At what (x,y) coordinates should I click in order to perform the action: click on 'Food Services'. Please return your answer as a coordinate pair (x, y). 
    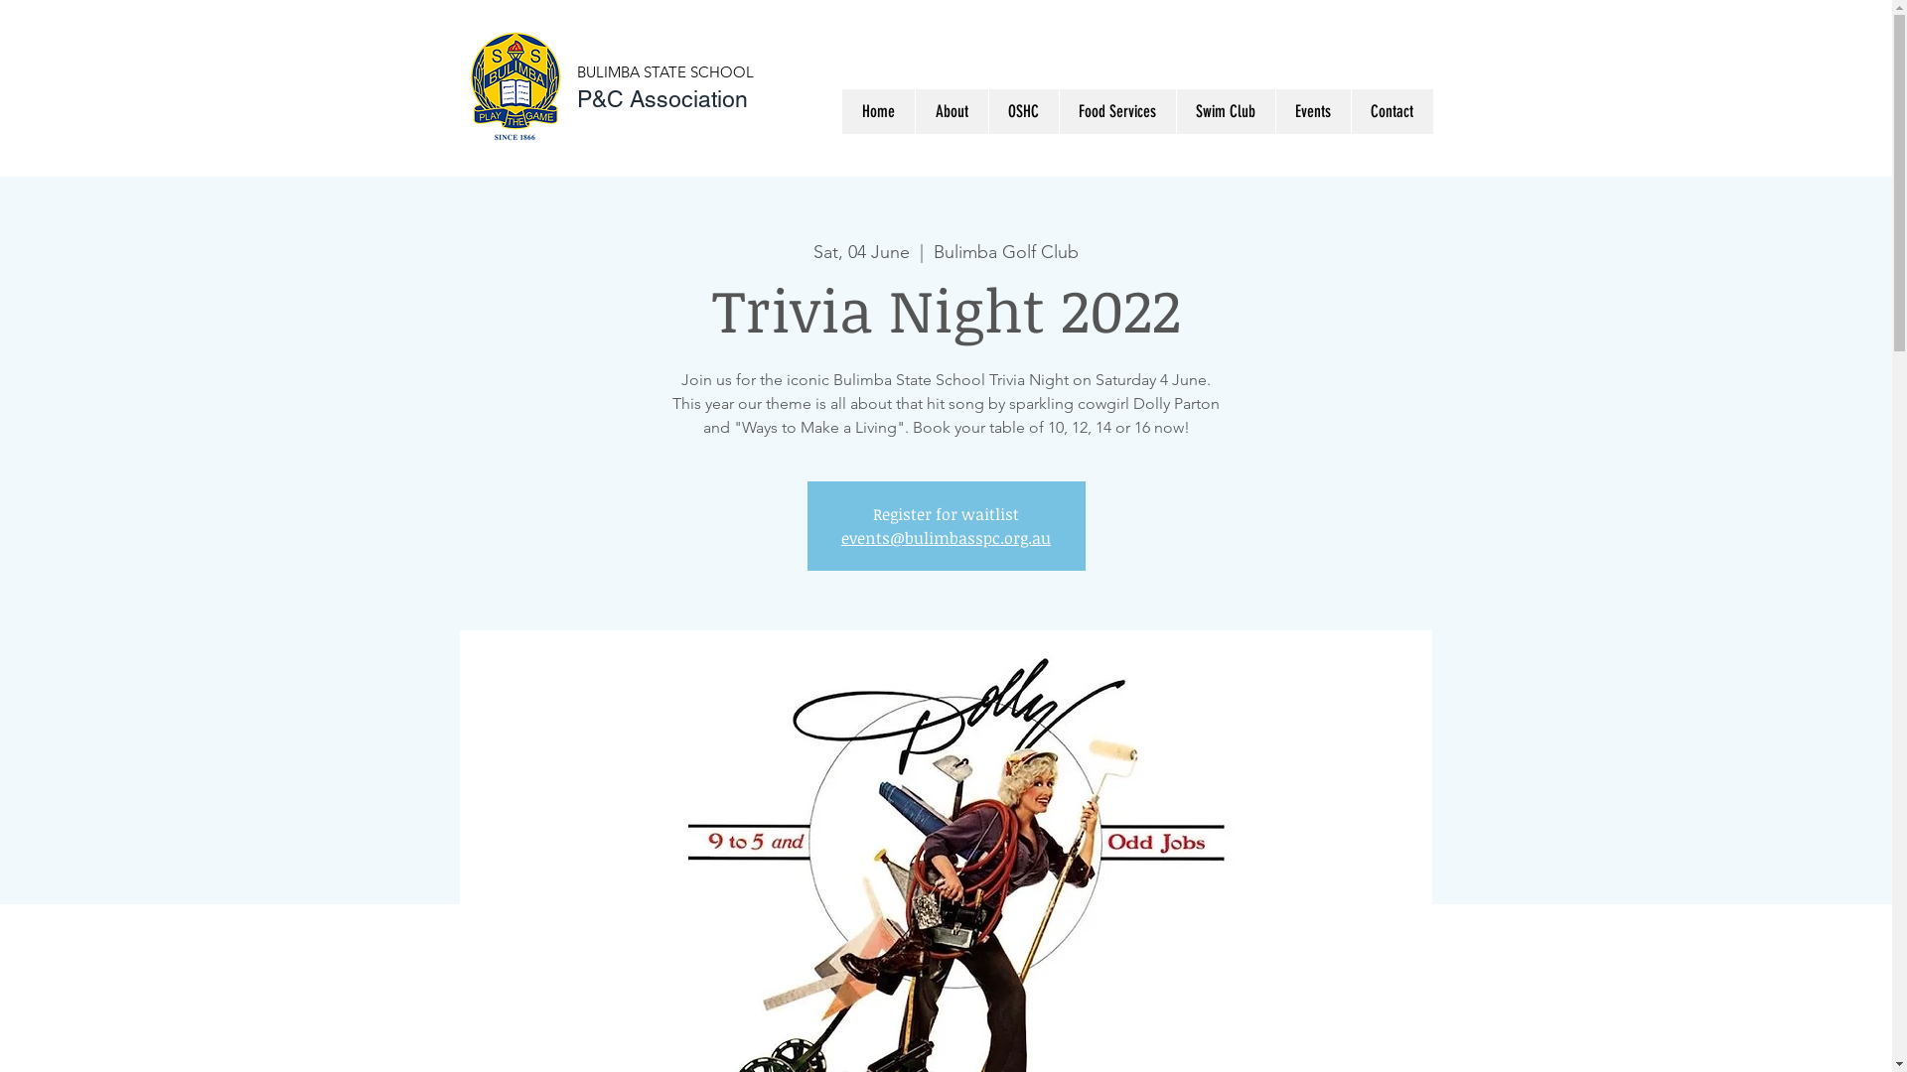
    Looking at the image, I should click on (1116, 111).